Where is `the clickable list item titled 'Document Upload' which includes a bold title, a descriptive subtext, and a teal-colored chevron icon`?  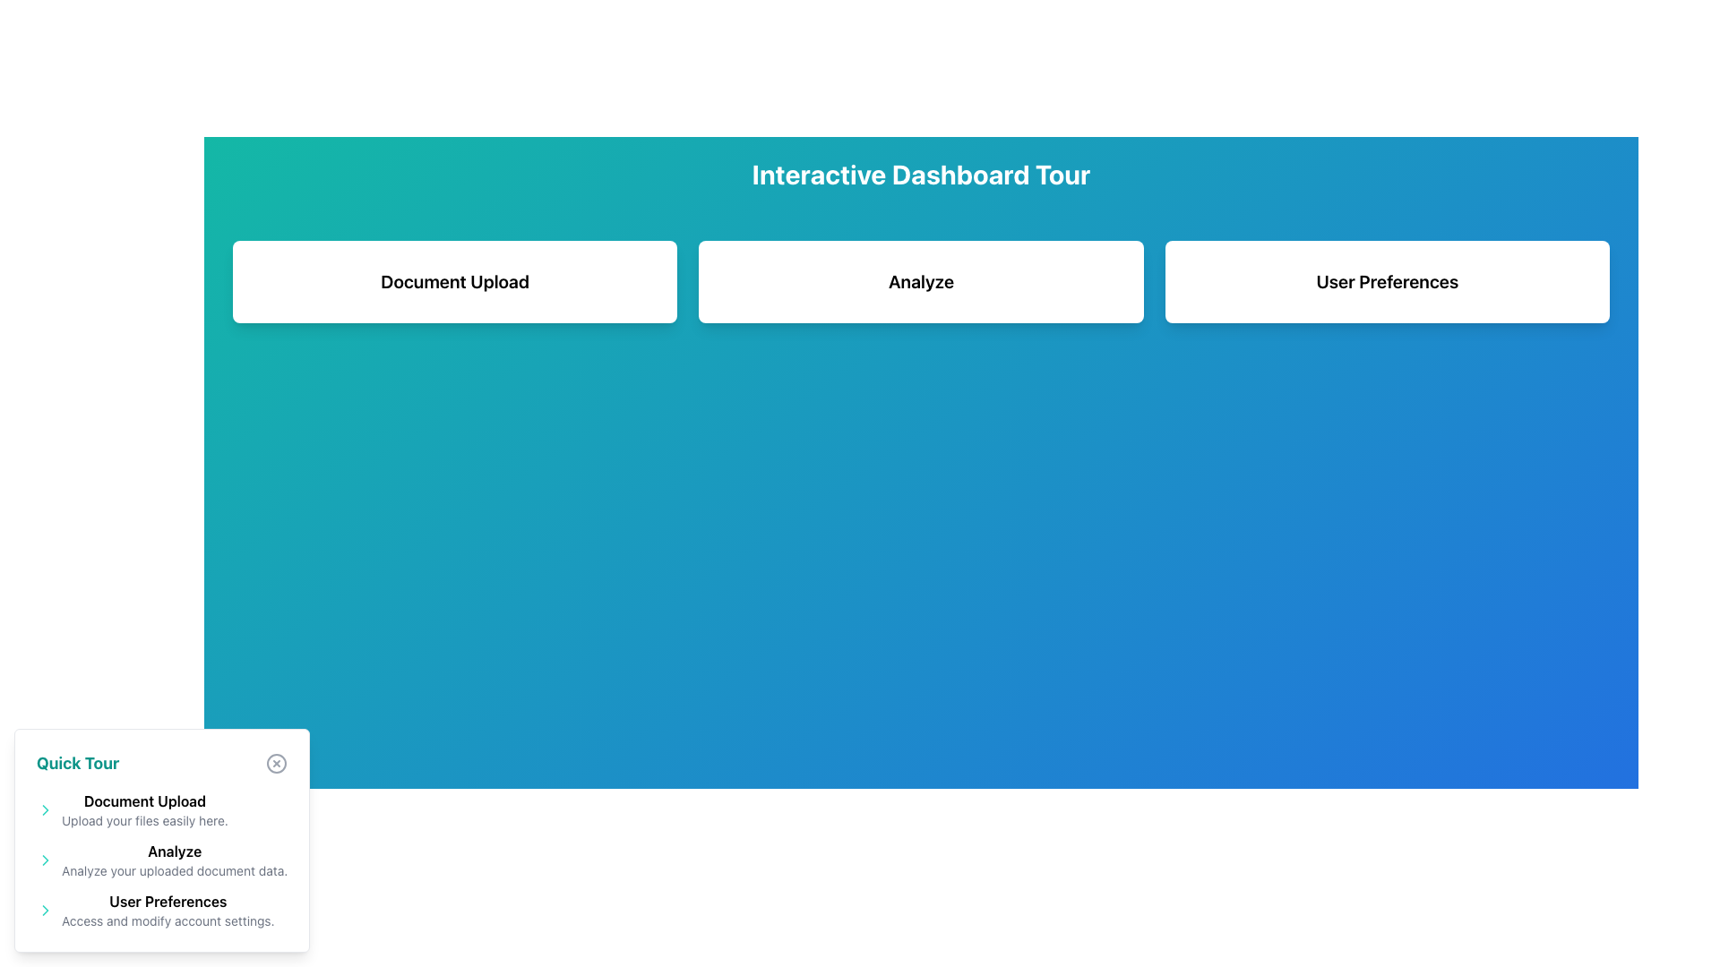
the clickable list item titled 'Document Upload' which includes a bold title, a descriptive subtext, and a teal-colored chevron icon is located at coordinates (162, 810).